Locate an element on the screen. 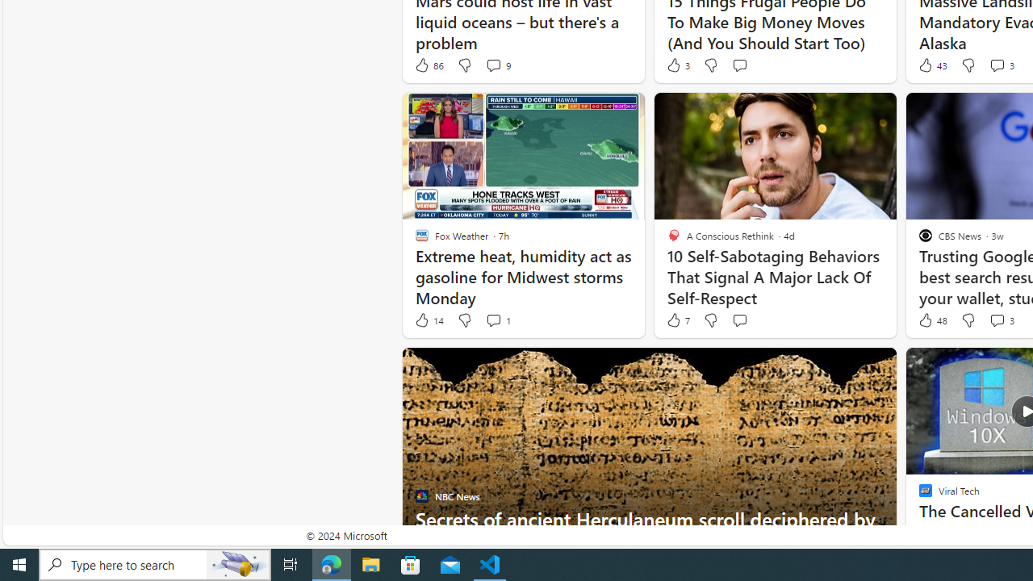  '7 Like' is located at coordinates (677, 320).